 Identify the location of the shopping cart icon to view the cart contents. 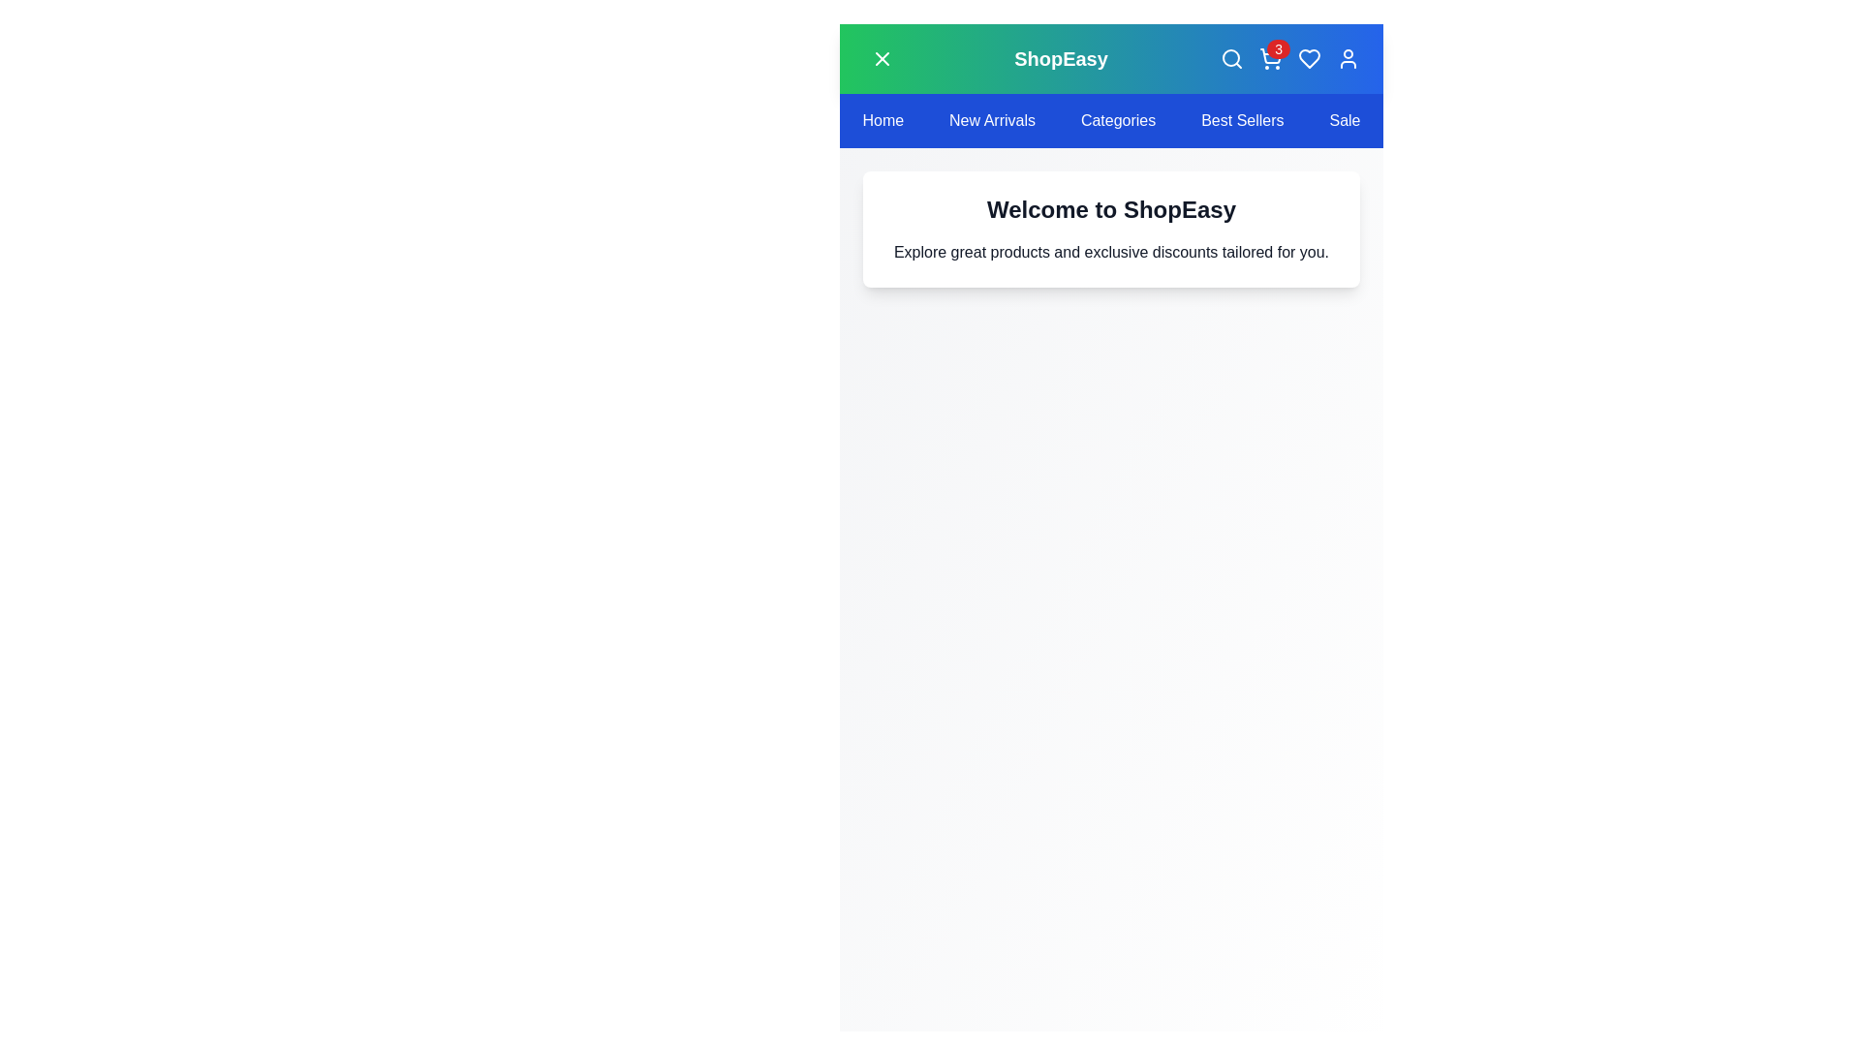
(1270, 58).